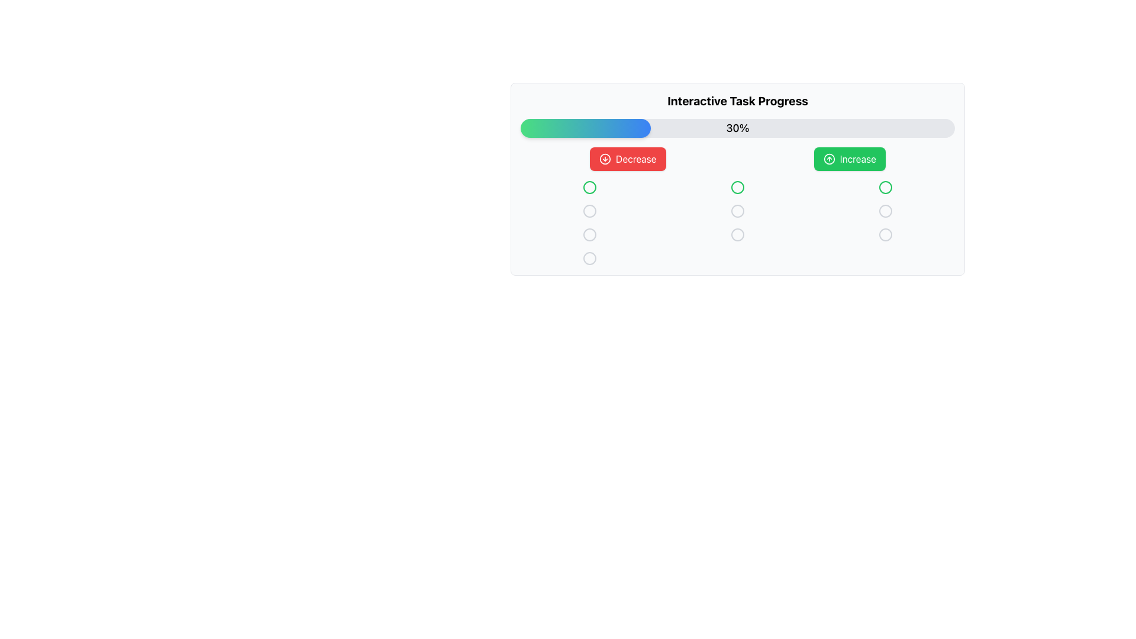 The height and width of the screenshot is (639, 1136). What do you see at coordinates (737, 235) in the screenshot?
I see `the checkbox or radio button located in the sixth row and third column of the task grid` at bounding box center [737, 235].